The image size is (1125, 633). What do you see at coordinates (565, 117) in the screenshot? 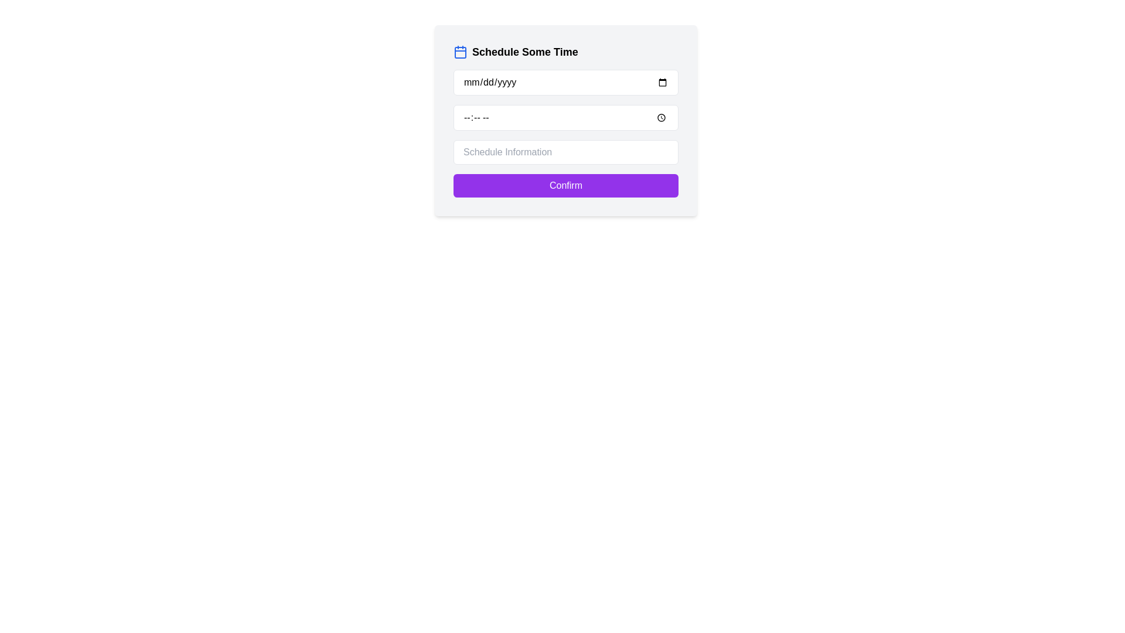
I see `the Time input field` at bounding box center [565, 117].